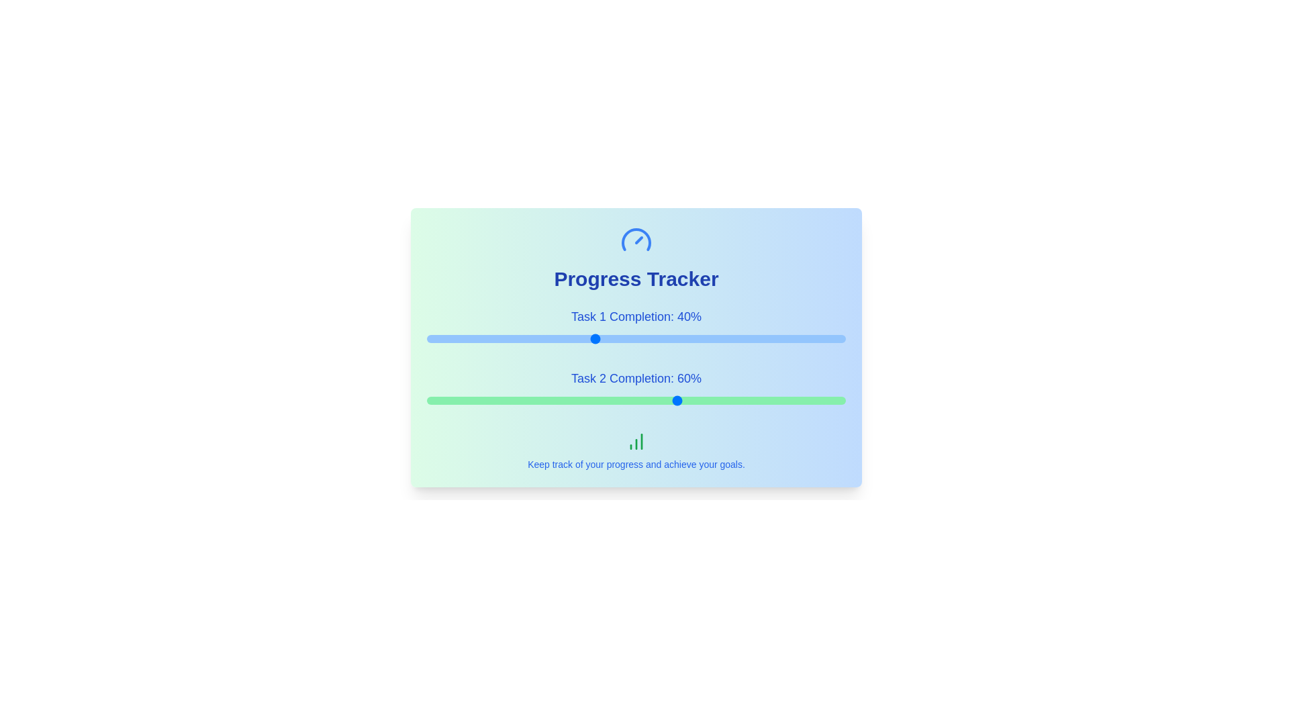  I want to click on the semi-circle arc of the gauge icon located at the top center above the 'Progress Tracker' header, so click(636, 238).